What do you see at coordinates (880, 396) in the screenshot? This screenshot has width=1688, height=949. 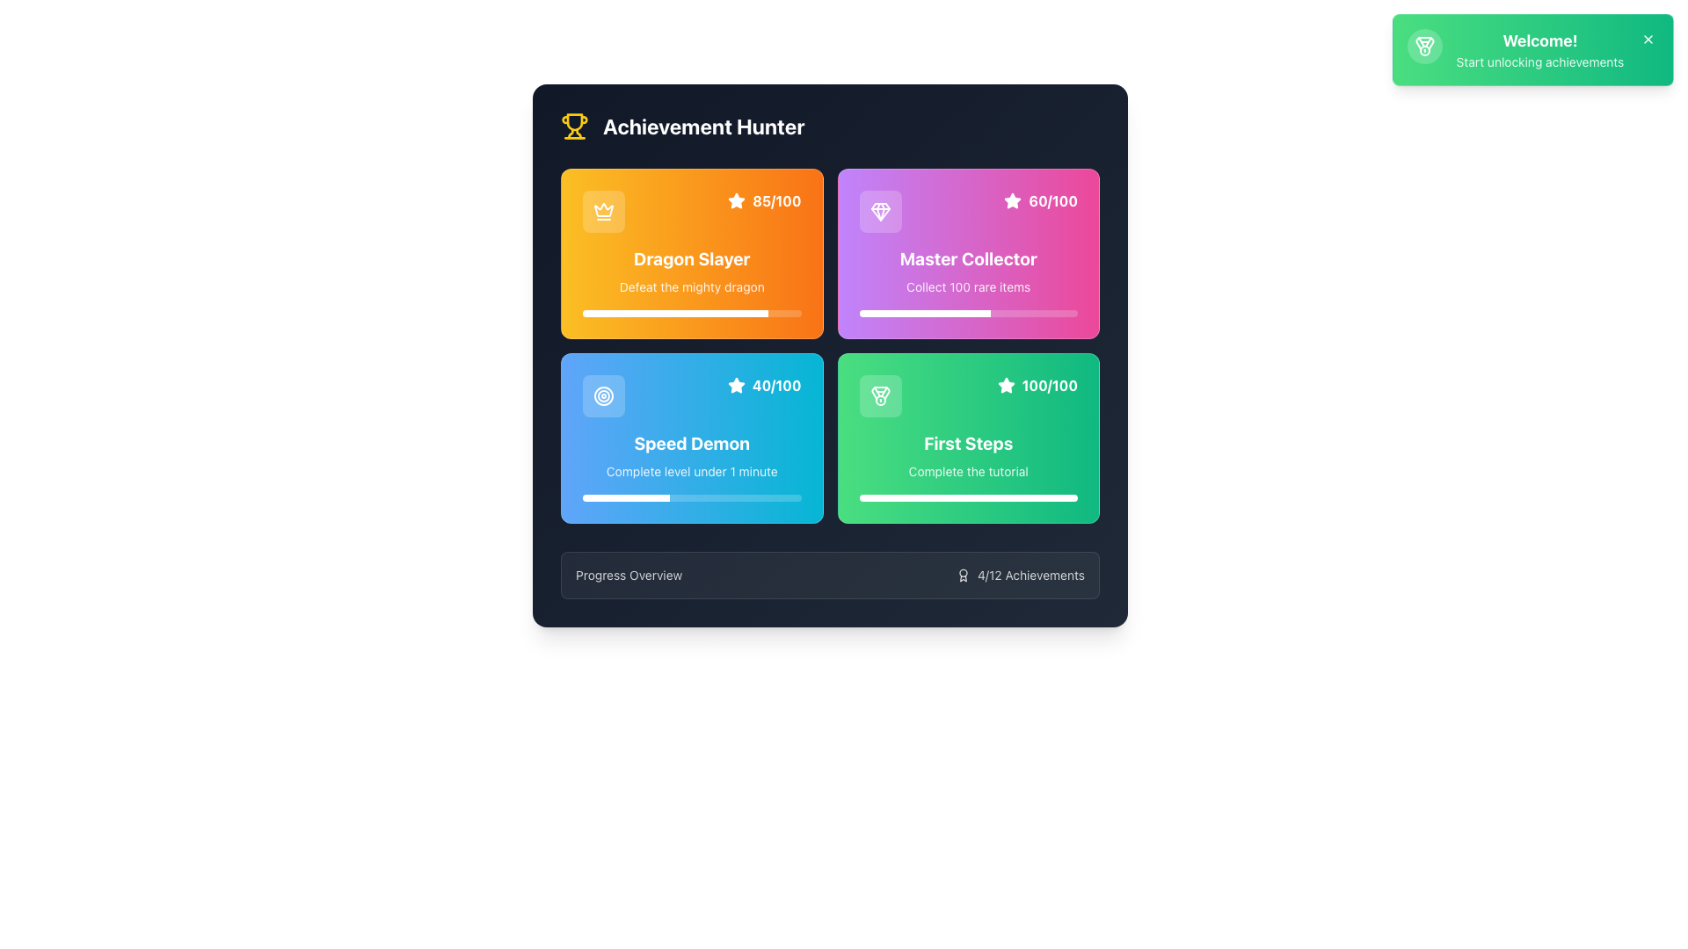 I see `the achievement icon for 'First Steps' located within the green button in the bottom-right corner of the achievements grid` at bounding box center [880, 396].